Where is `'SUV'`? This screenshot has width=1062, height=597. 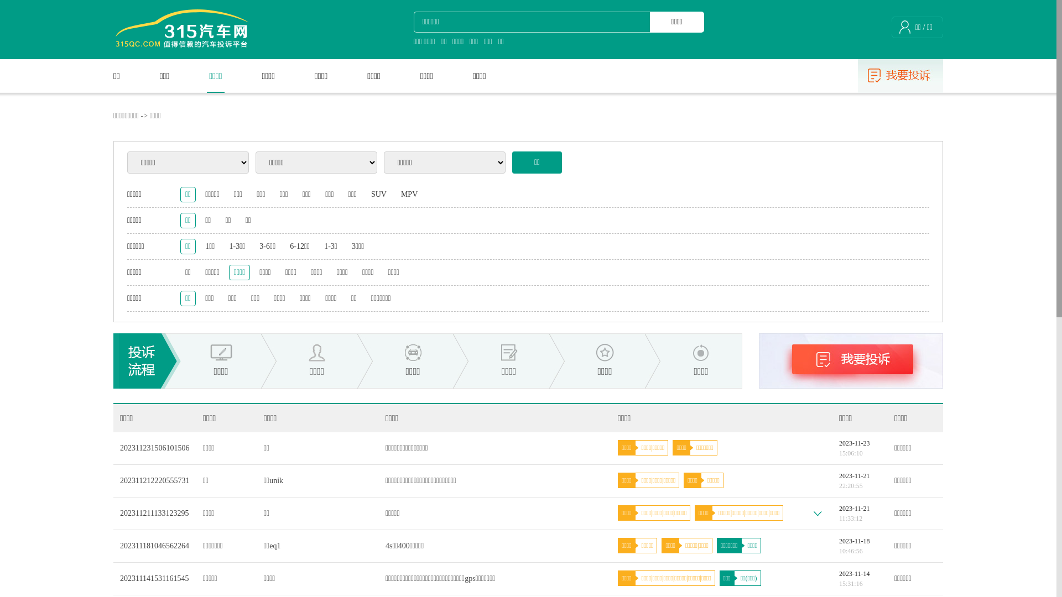 'SUV' is located at coordinates (379, 193).